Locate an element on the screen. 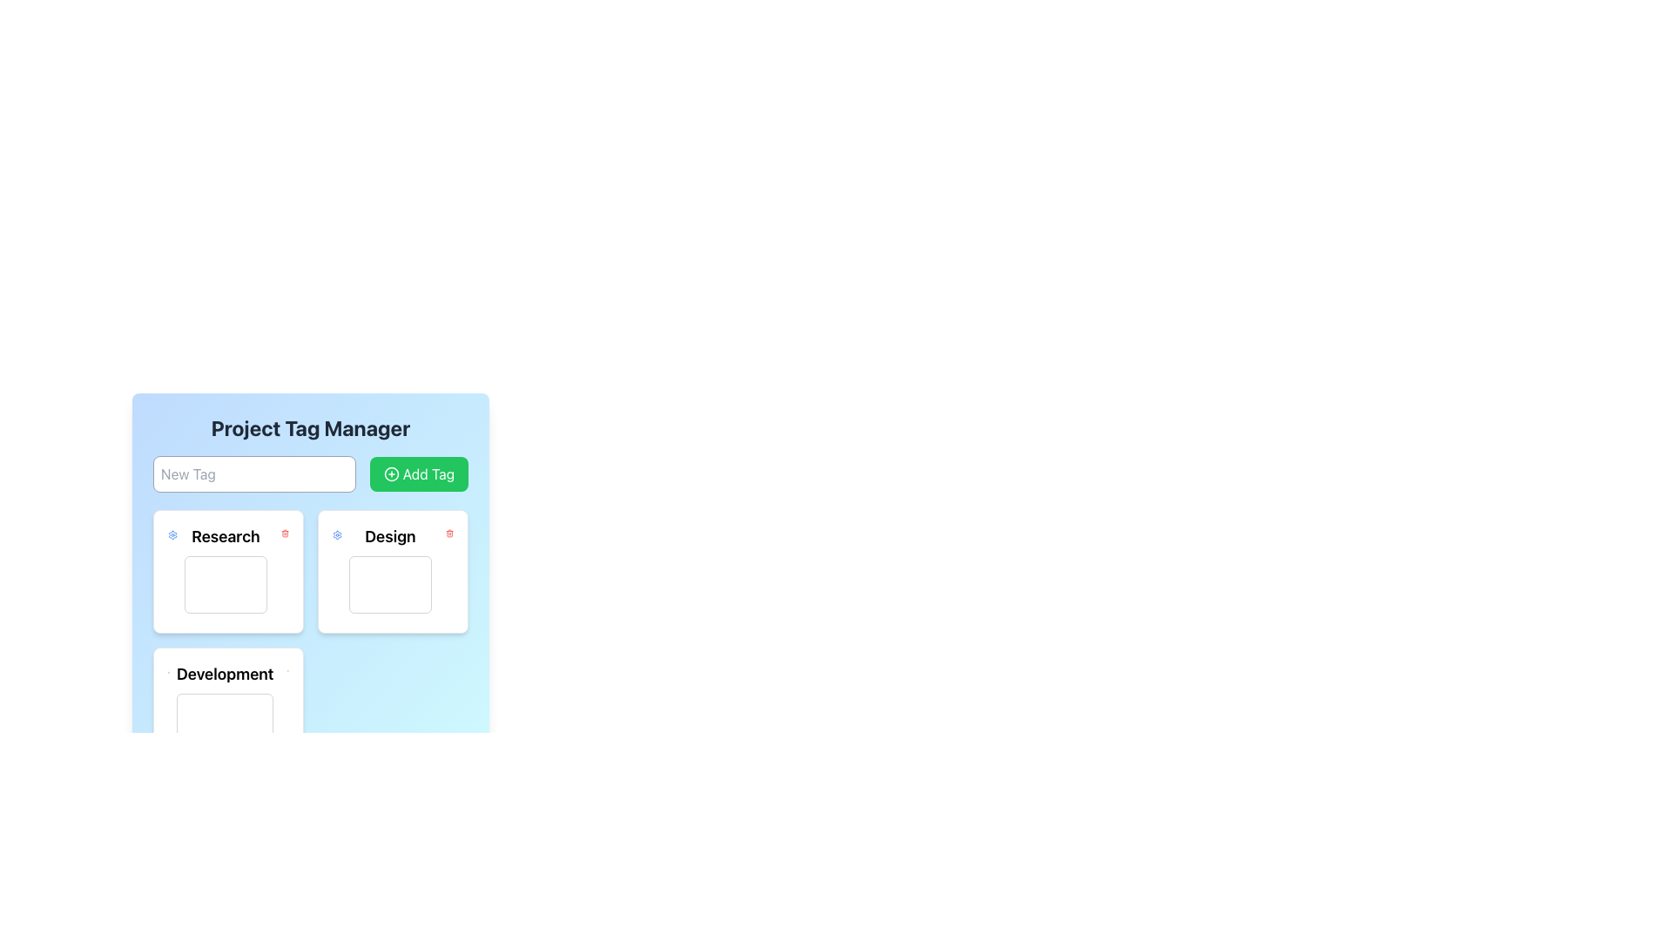 The height and width of the screenshot is (940, 1672). the graphical circle component of the 'Add Tag' button, which visually represents the action of adding new items is located at coordinates (390, 473).